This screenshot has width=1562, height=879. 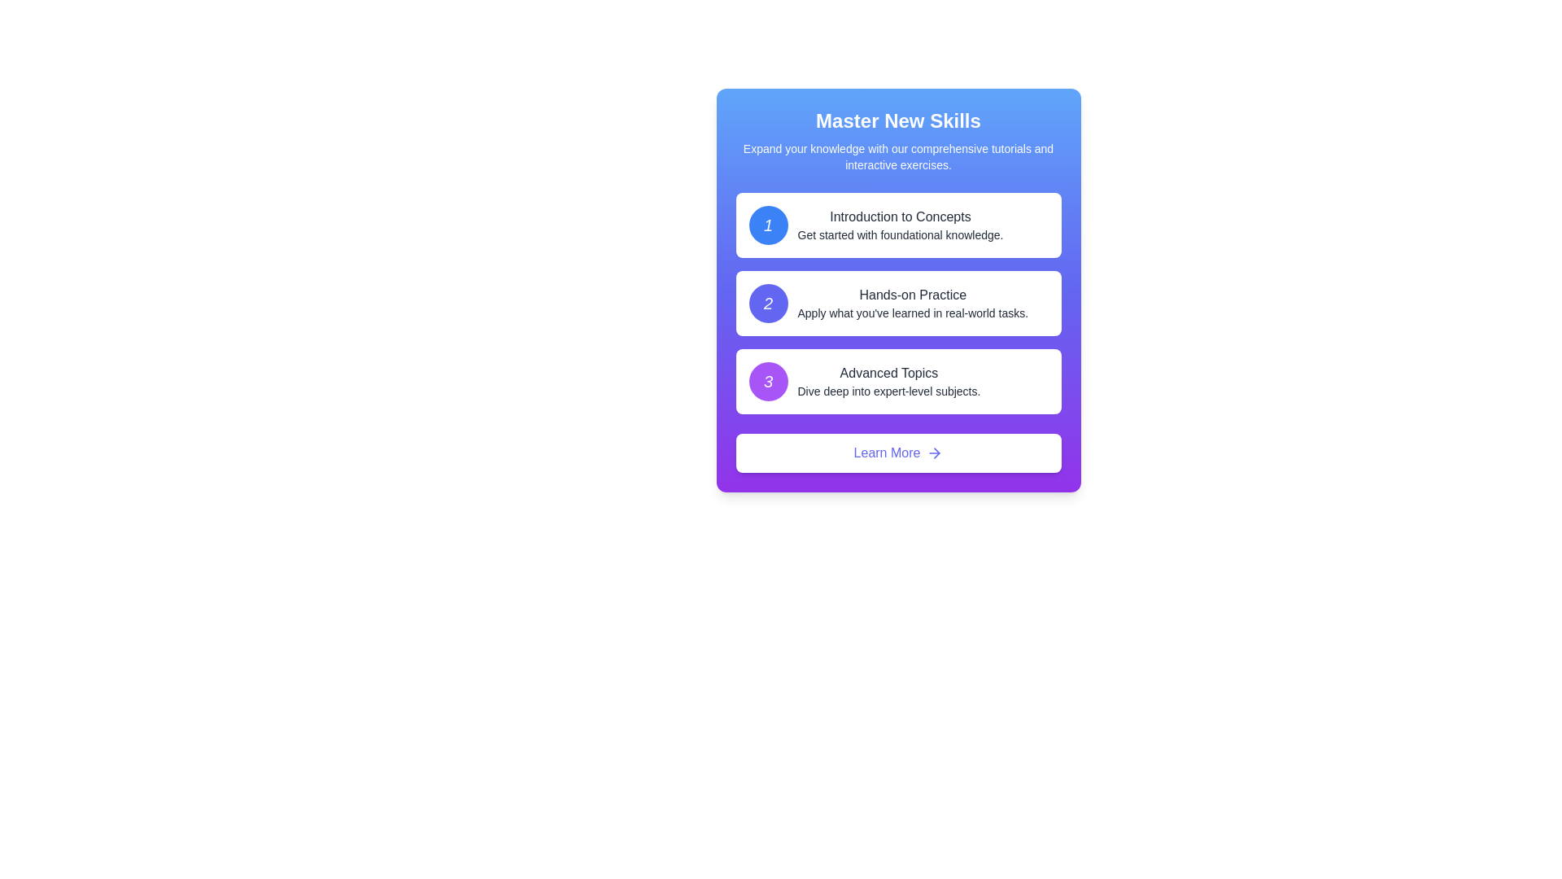 I want to click on the title text label located at the top center of the card layout, which serves as an impactful introduction to the information presented, so click(x=897, y=120).